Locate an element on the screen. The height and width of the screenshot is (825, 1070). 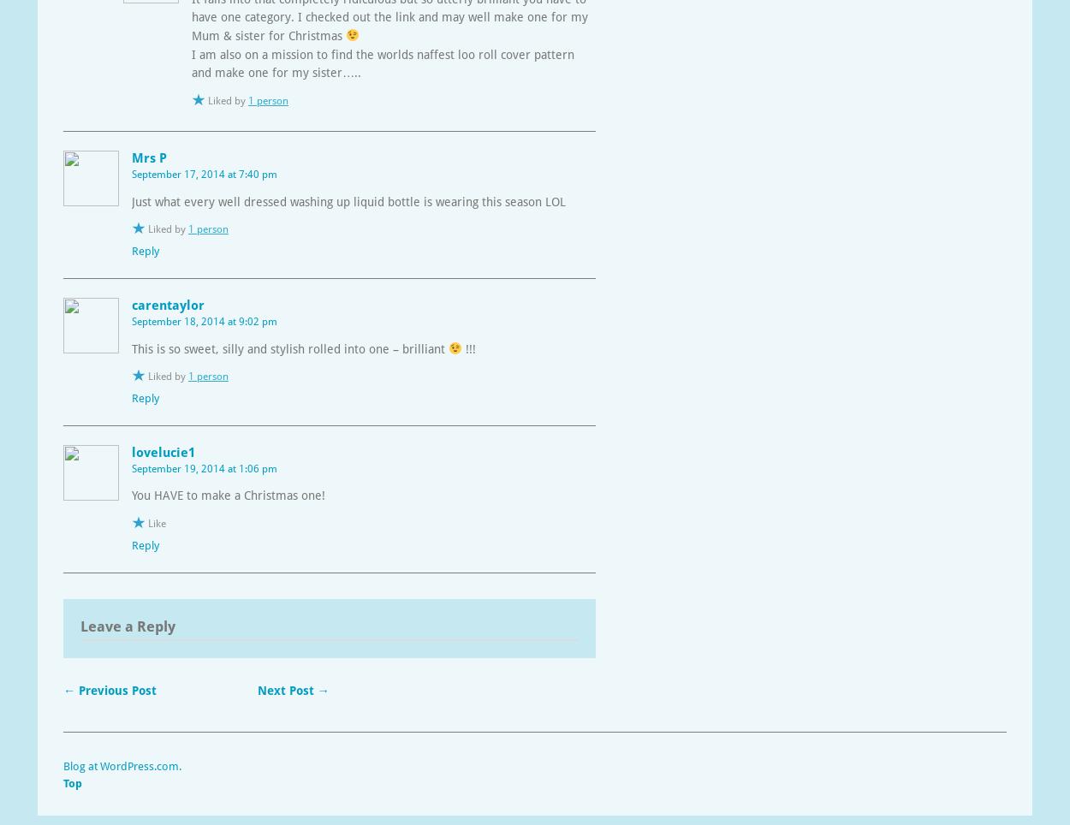
'!!!' is located at coordinates (469, 347).